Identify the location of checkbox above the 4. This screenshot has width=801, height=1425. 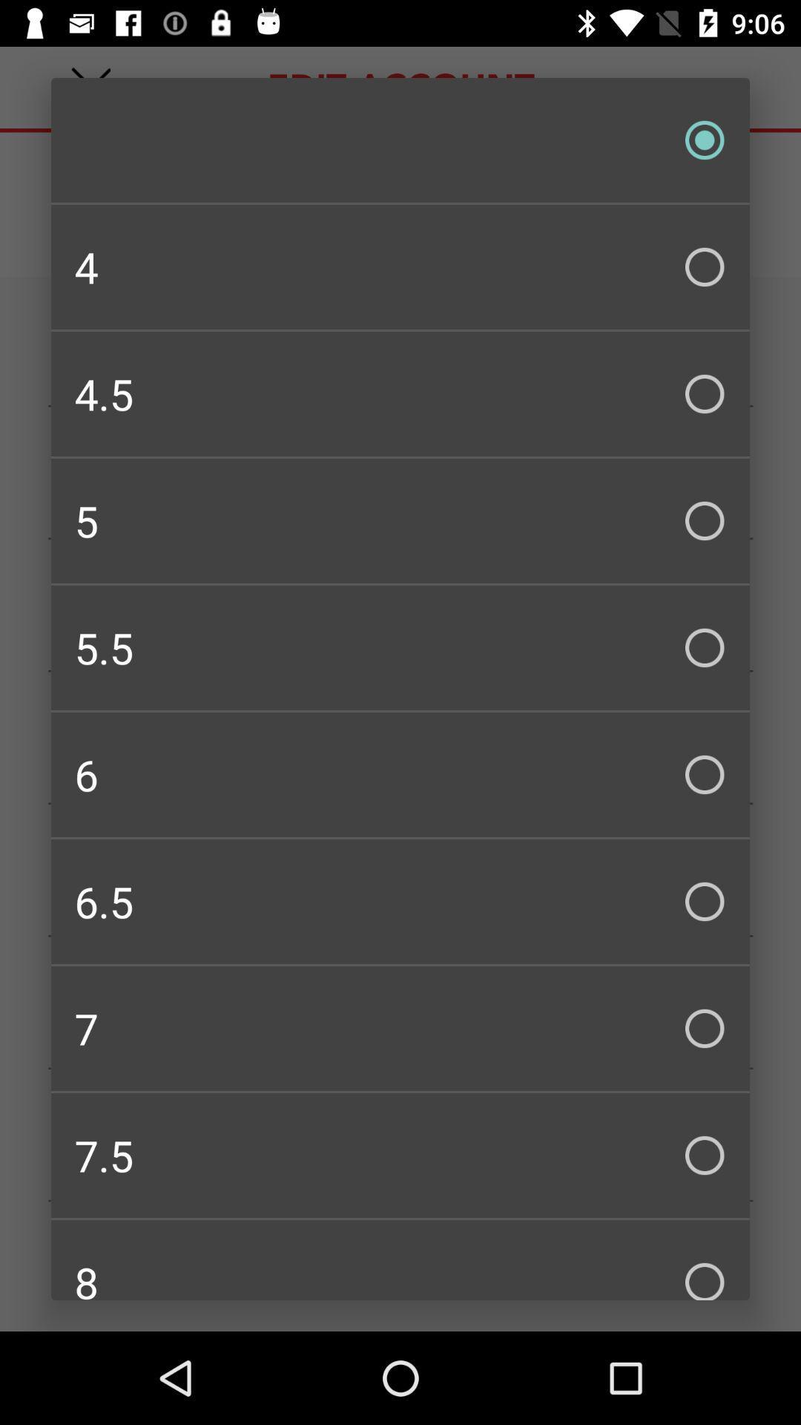
(400, 140).